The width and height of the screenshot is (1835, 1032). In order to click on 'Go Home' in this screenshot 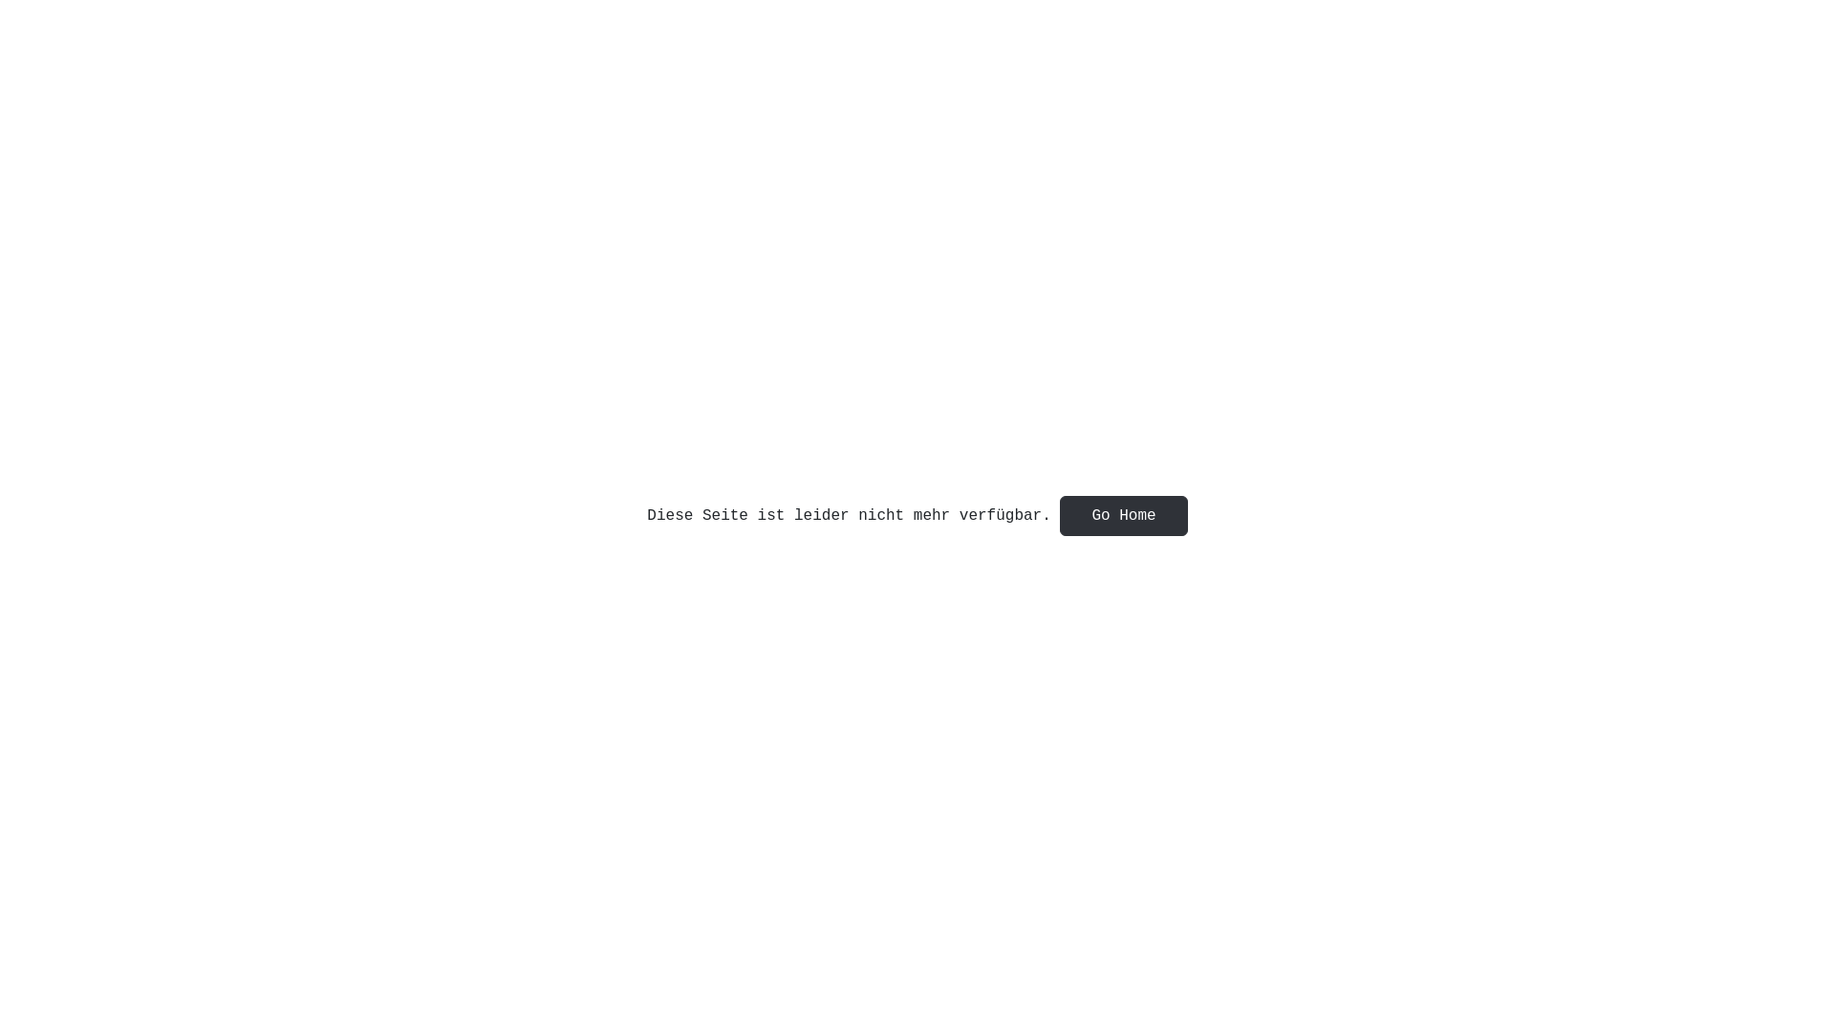, I will do `click(1123, 516)`.